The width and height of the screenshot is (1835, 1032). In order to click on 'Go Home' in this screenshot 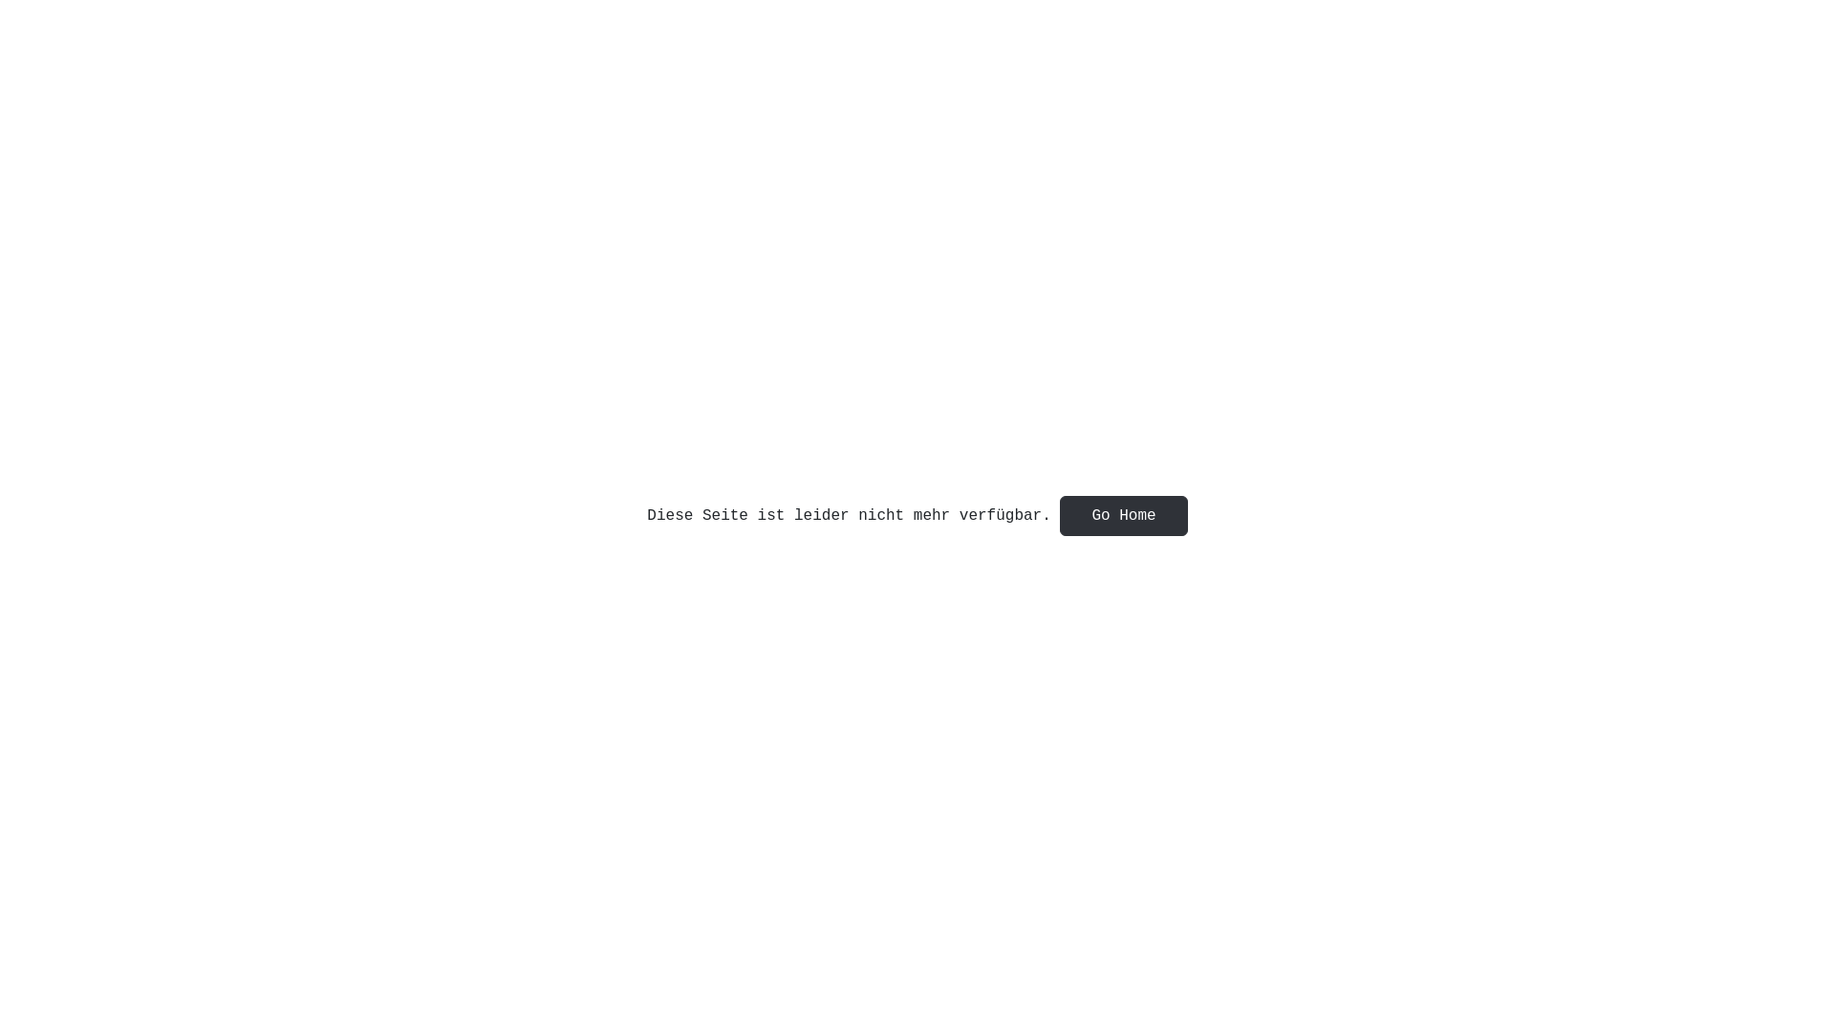, I will do `click(1123, 516)`.